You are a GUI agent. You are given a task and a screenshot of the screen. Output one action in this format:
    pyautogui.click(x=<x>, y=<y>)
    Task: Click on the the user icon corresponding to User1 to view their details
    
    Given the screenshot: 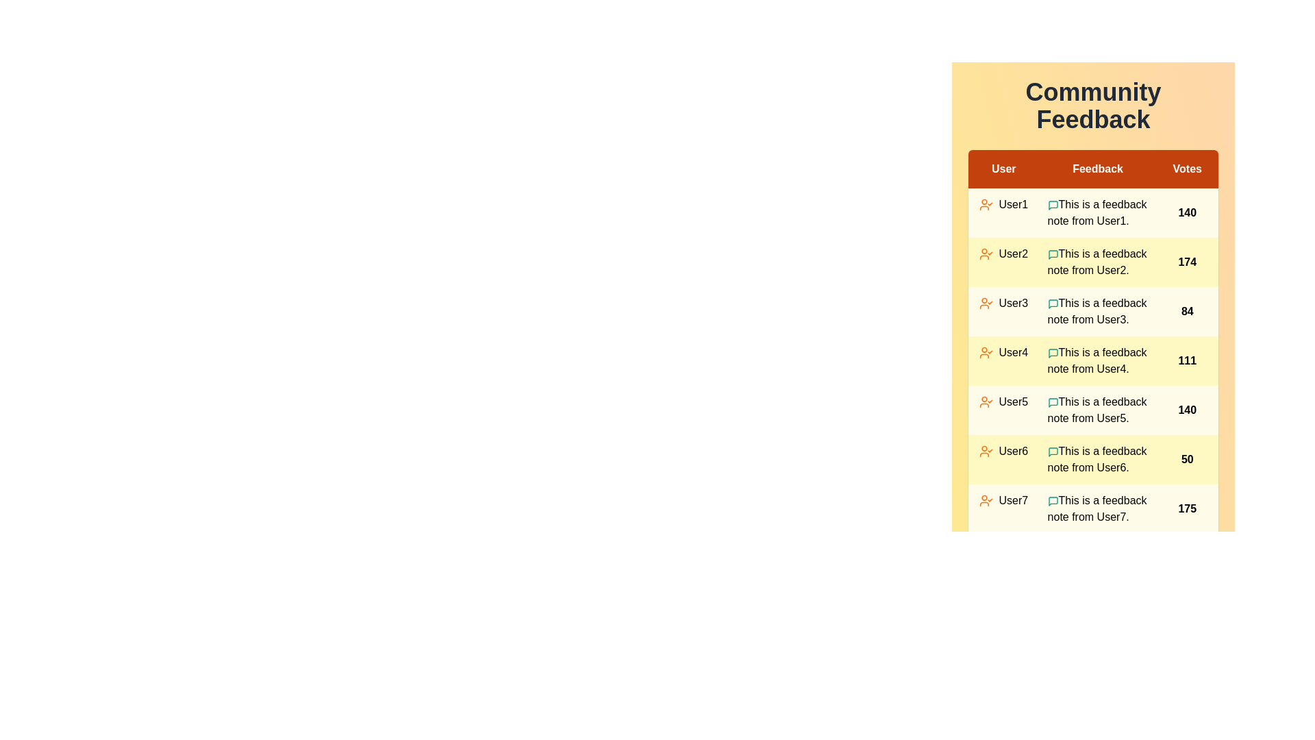 What is the action you would take?
    pyautogui.click(x=986, y=205)
    